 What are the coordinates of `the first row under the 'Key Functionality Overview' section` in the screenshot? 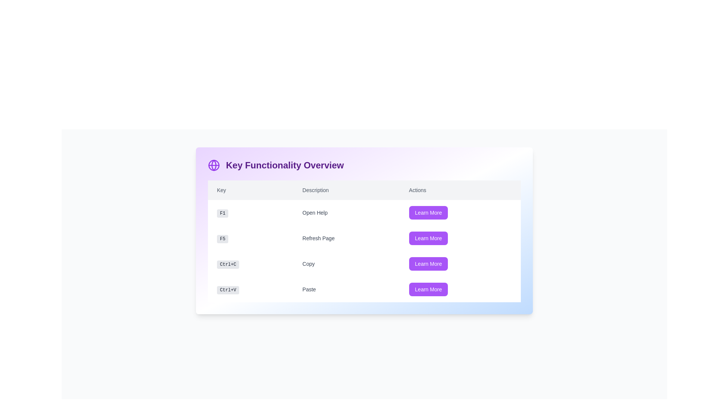 It's located at (364, 213).